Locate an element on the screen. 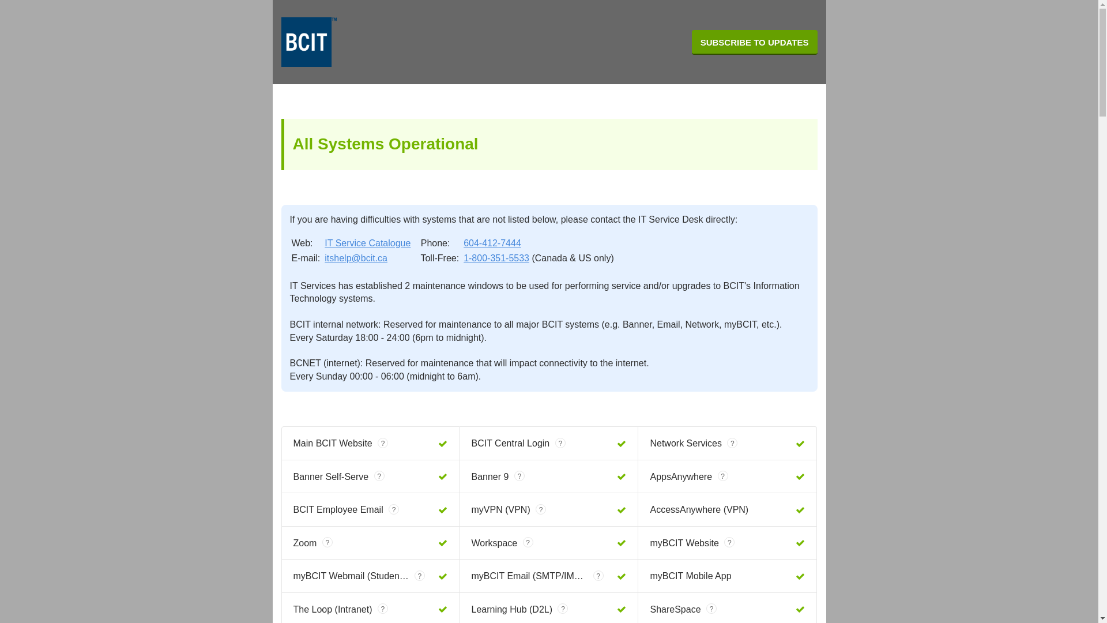 The height and width of the screenshot is (623, 1107). '604-412-7444' is located at coordinates (492, 242).